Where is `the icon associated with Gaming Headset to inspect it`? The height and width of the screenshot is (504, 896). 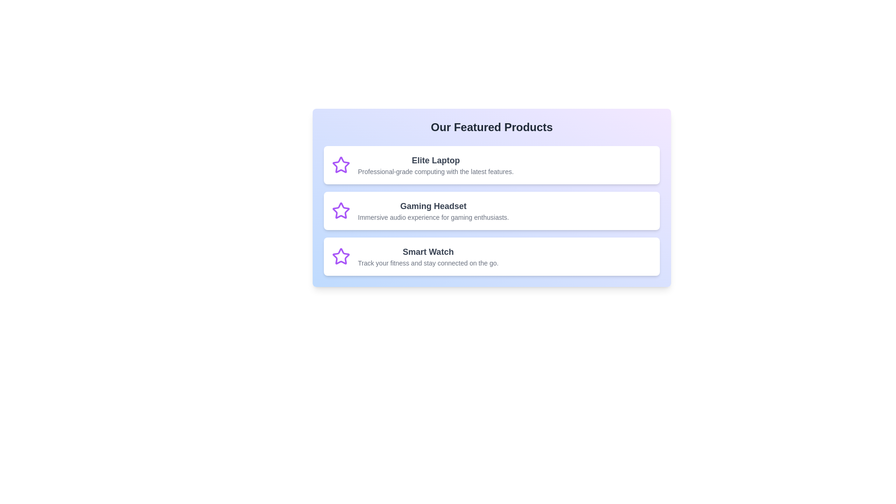
the icon associated with Gaming Headset to inspect it is located at coordinates (340, 210).